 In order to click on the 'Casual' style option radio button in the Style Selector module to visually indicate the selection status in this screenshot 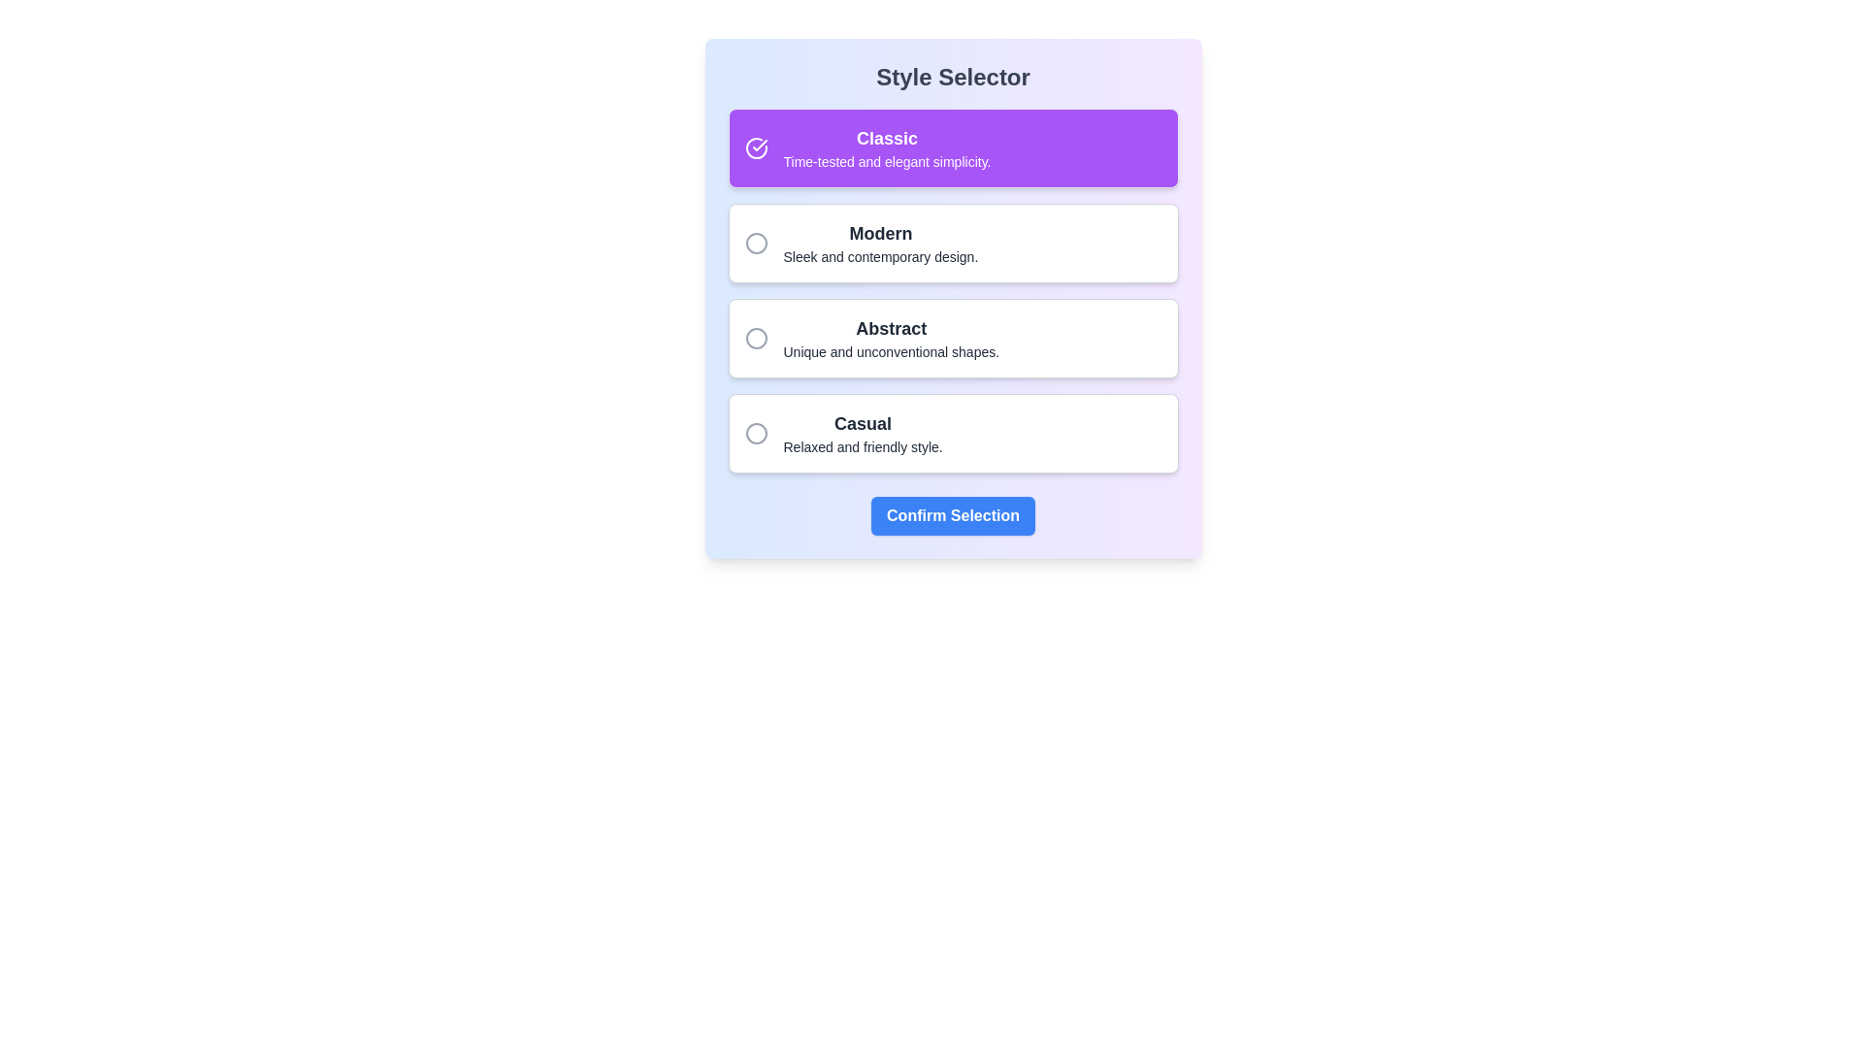, I will do `click(755, 433)`.